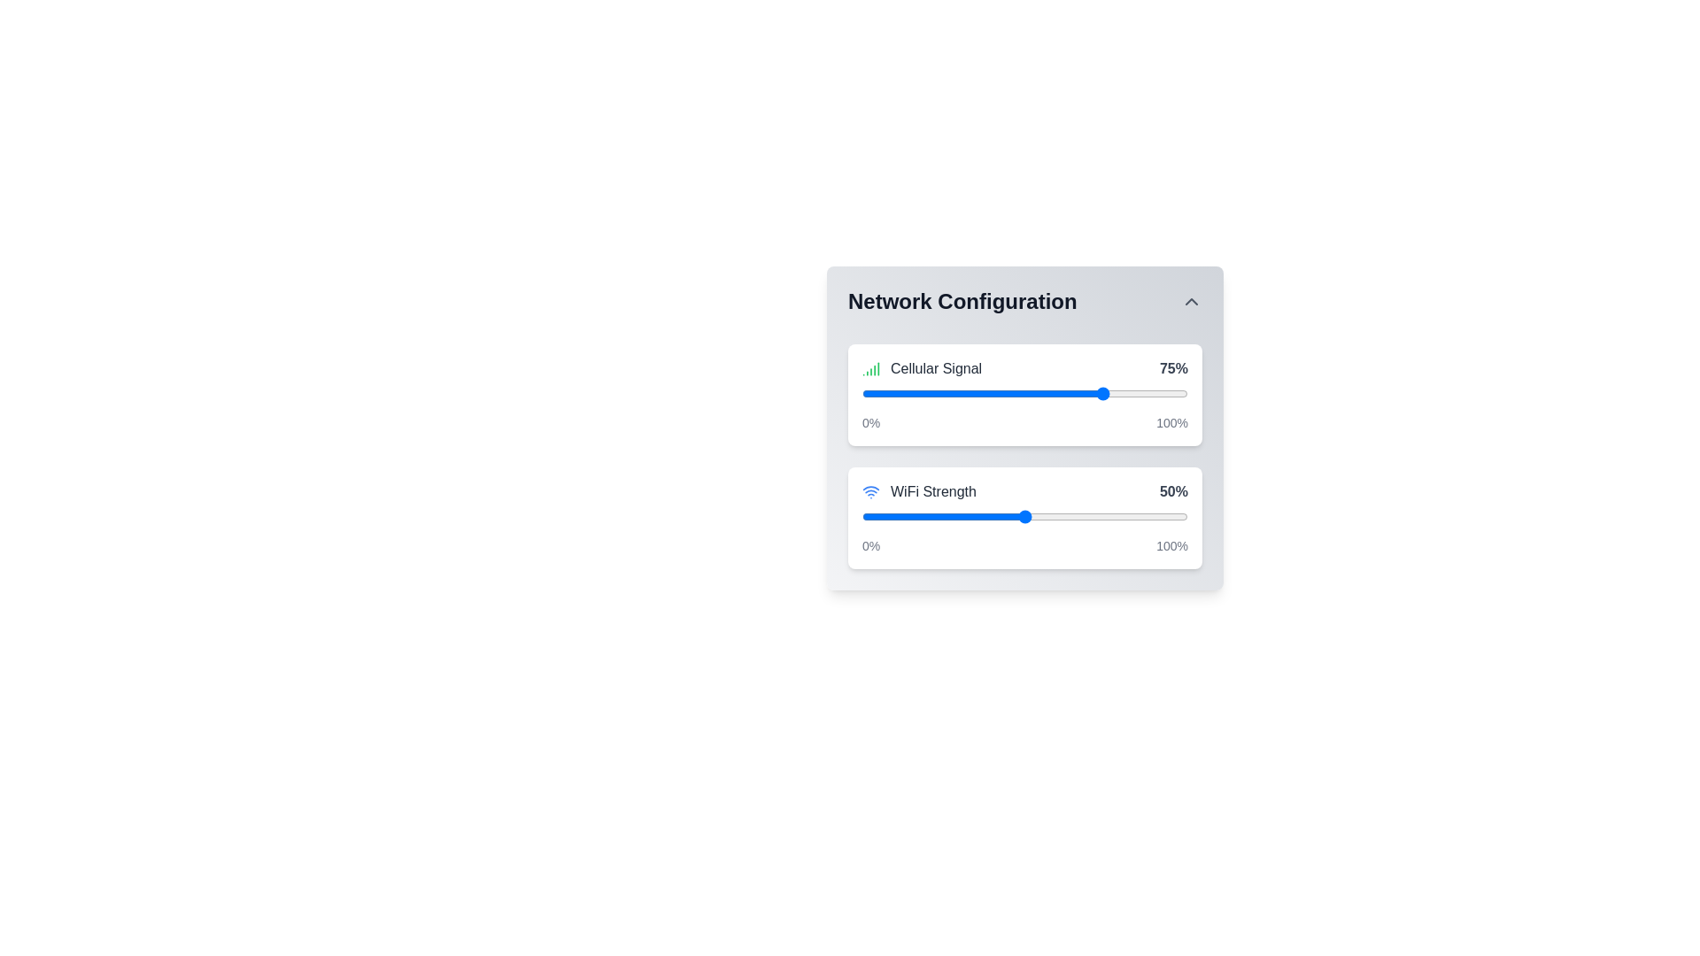 The width and height of the screenshot is (1700, 956). I want to click on the informational label displaying the cellular signal and its percentage, located at the top of the white rectangular card under the title 'Network Configuration', so click(1024, 367).